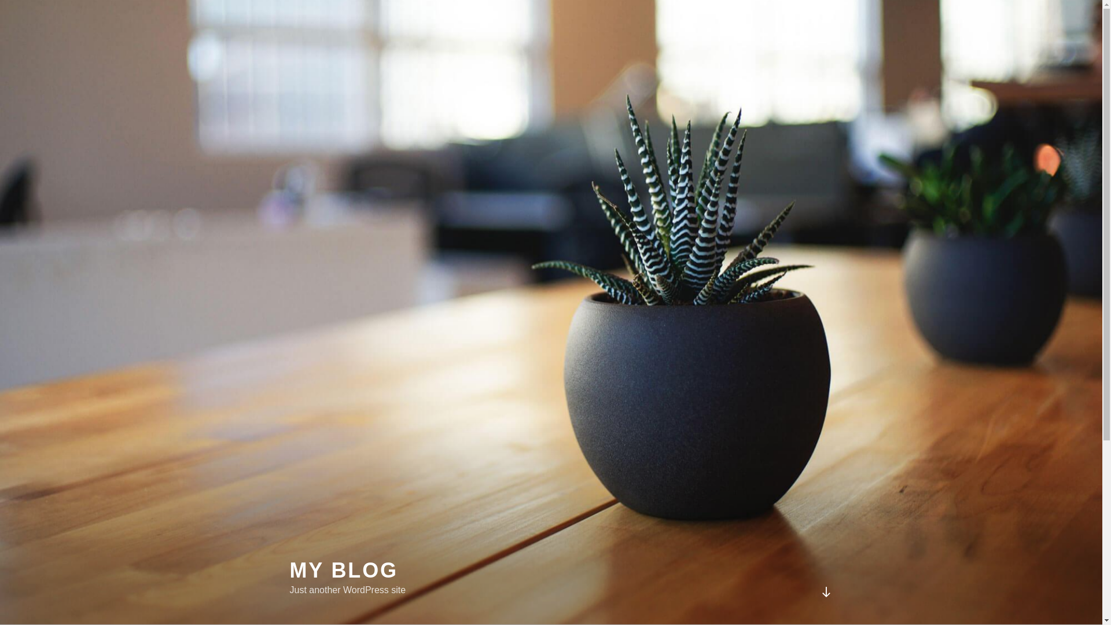 This screenshot has height=625, width=1111. I want to click on 'MY BLOG', so click(289, 569).